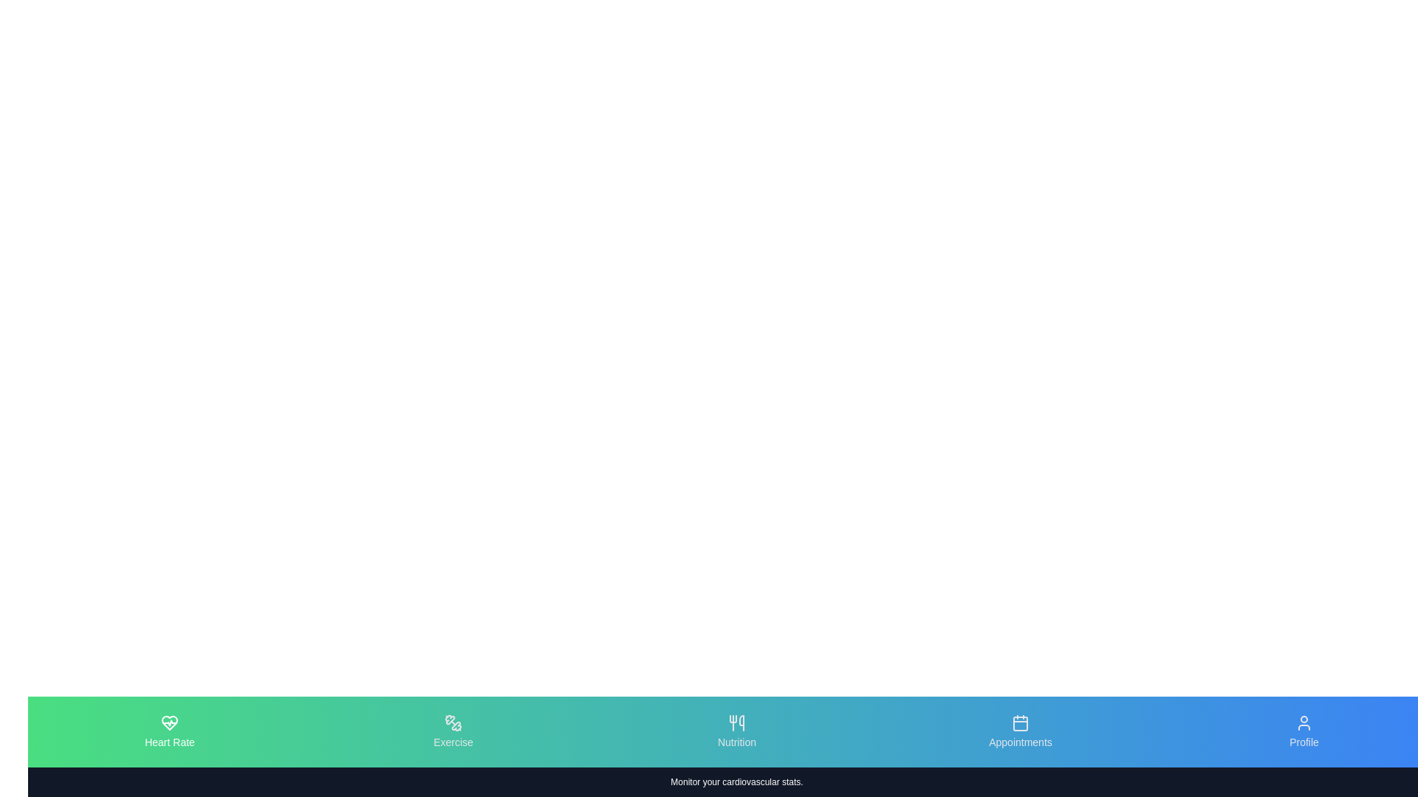 The width and height of the screenshot is (1418, 797). Describe the element at coordinates (170, 731) in the screenshot. I see `the tab icon labeled Heart Rate to observe the visual transition` at that location.